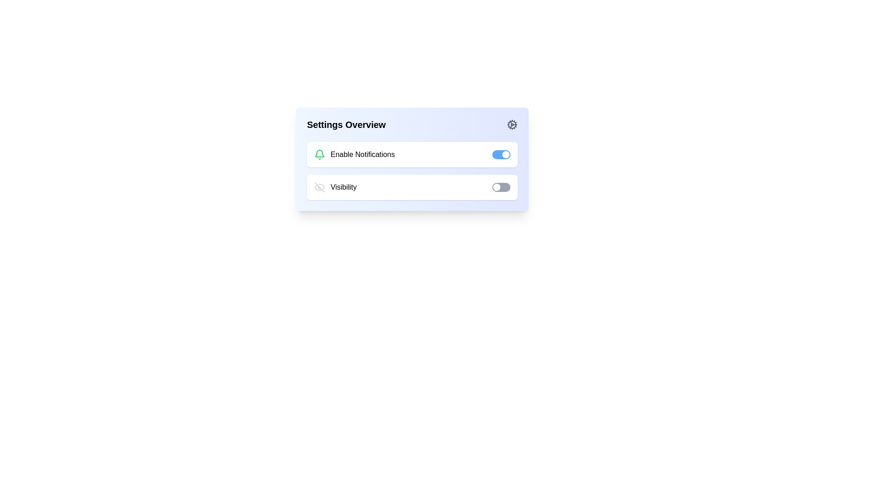  What do you see at coordinates (512, 124) in the screenshot?
I see `the gear icon located at the far right of the 'Settings Overview' heading` at bounding box center [512, 124].